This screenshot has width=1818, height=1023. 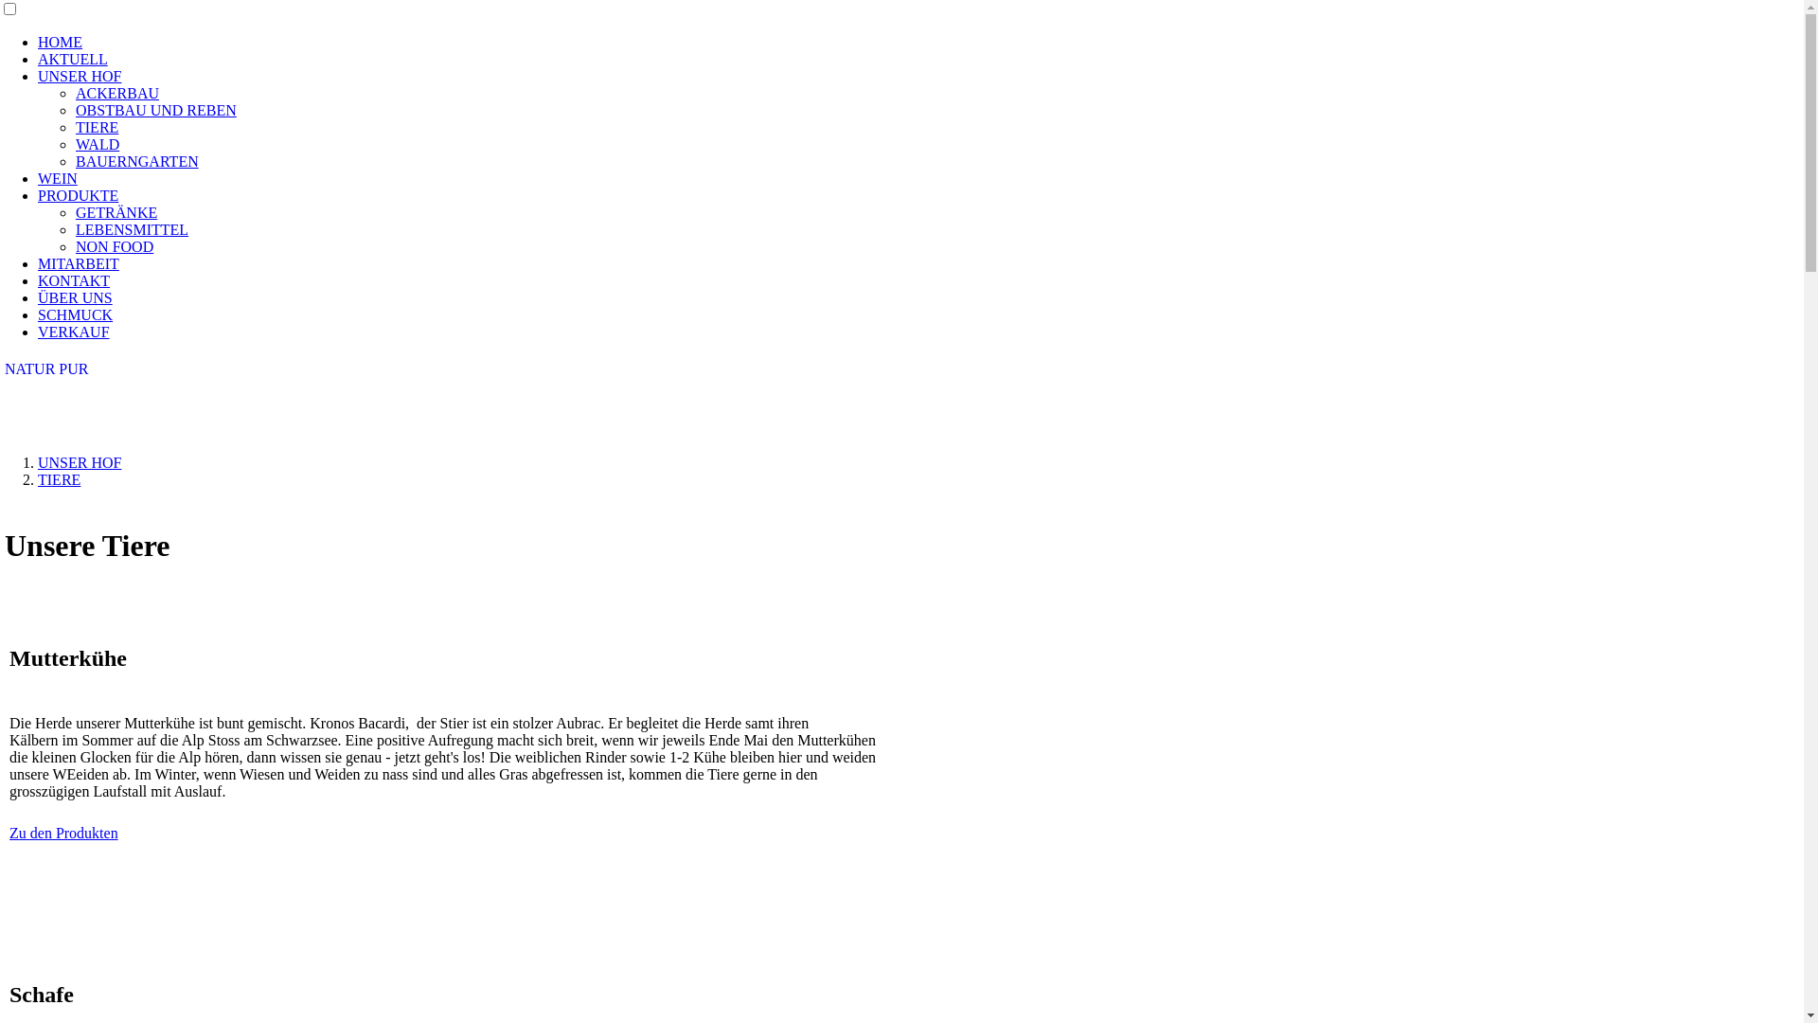 I want to click on 'MITARBEIT', so click(x=37, y=263).